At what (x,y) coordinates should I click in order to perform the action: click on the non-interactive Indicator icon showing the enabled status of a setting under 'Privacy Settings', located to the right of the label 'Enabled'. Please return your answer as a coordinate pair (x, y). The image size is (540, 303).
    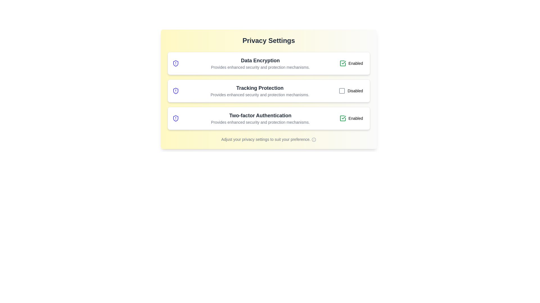
    Looking at the image, I should click on (343, 118).